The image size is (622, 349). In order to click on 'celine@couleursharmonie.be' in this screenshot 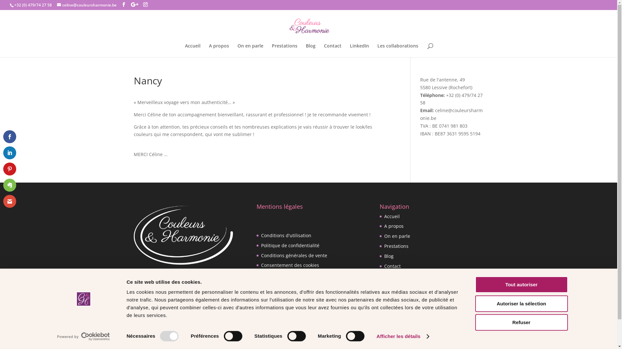, I will do `click(86, 5)`.